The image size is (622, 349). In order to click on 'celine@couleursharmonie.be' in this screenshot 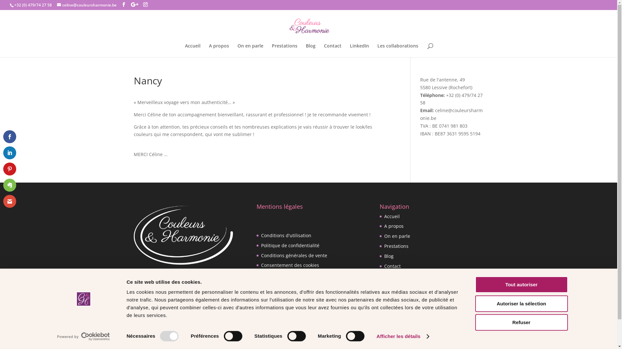, I will do `click(86, 5)`.